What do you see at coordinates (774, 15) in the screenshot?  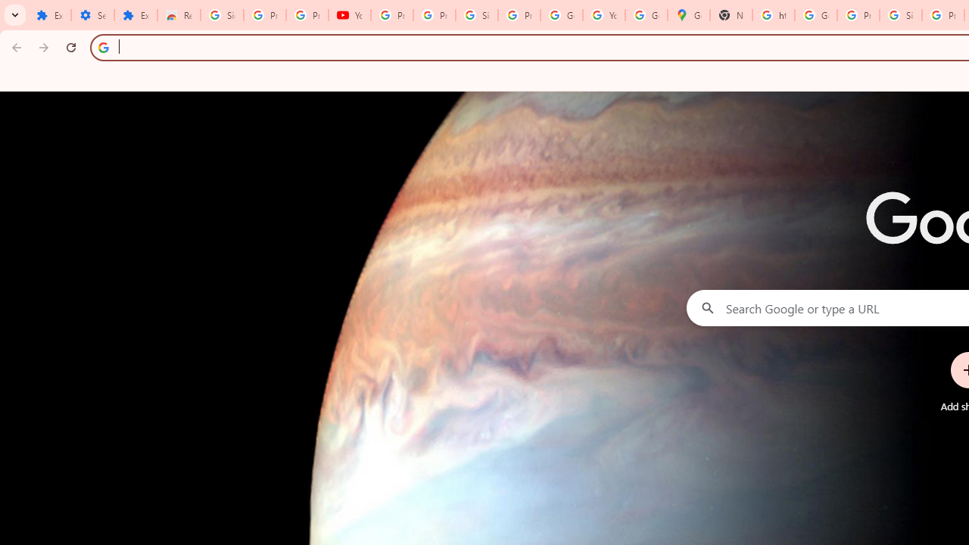 I see `'https://scholar.google.com/'` at bounding box center [774, 15].